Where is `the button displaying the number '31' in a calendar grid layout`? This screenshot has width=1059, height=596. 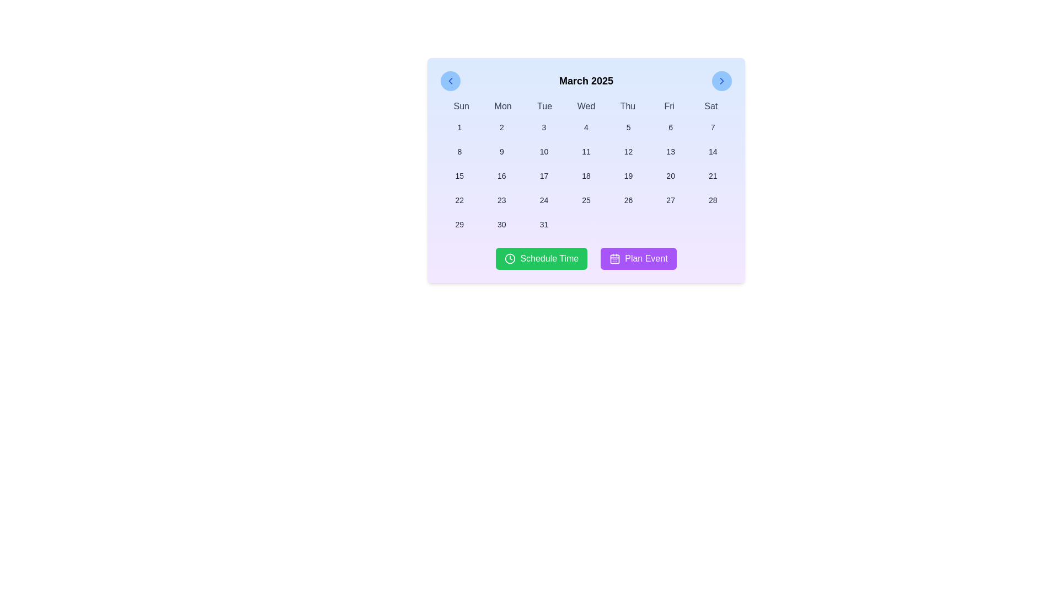 the button displaying the number '31' in a calendar grid layout is located at coordinates (544, 224).